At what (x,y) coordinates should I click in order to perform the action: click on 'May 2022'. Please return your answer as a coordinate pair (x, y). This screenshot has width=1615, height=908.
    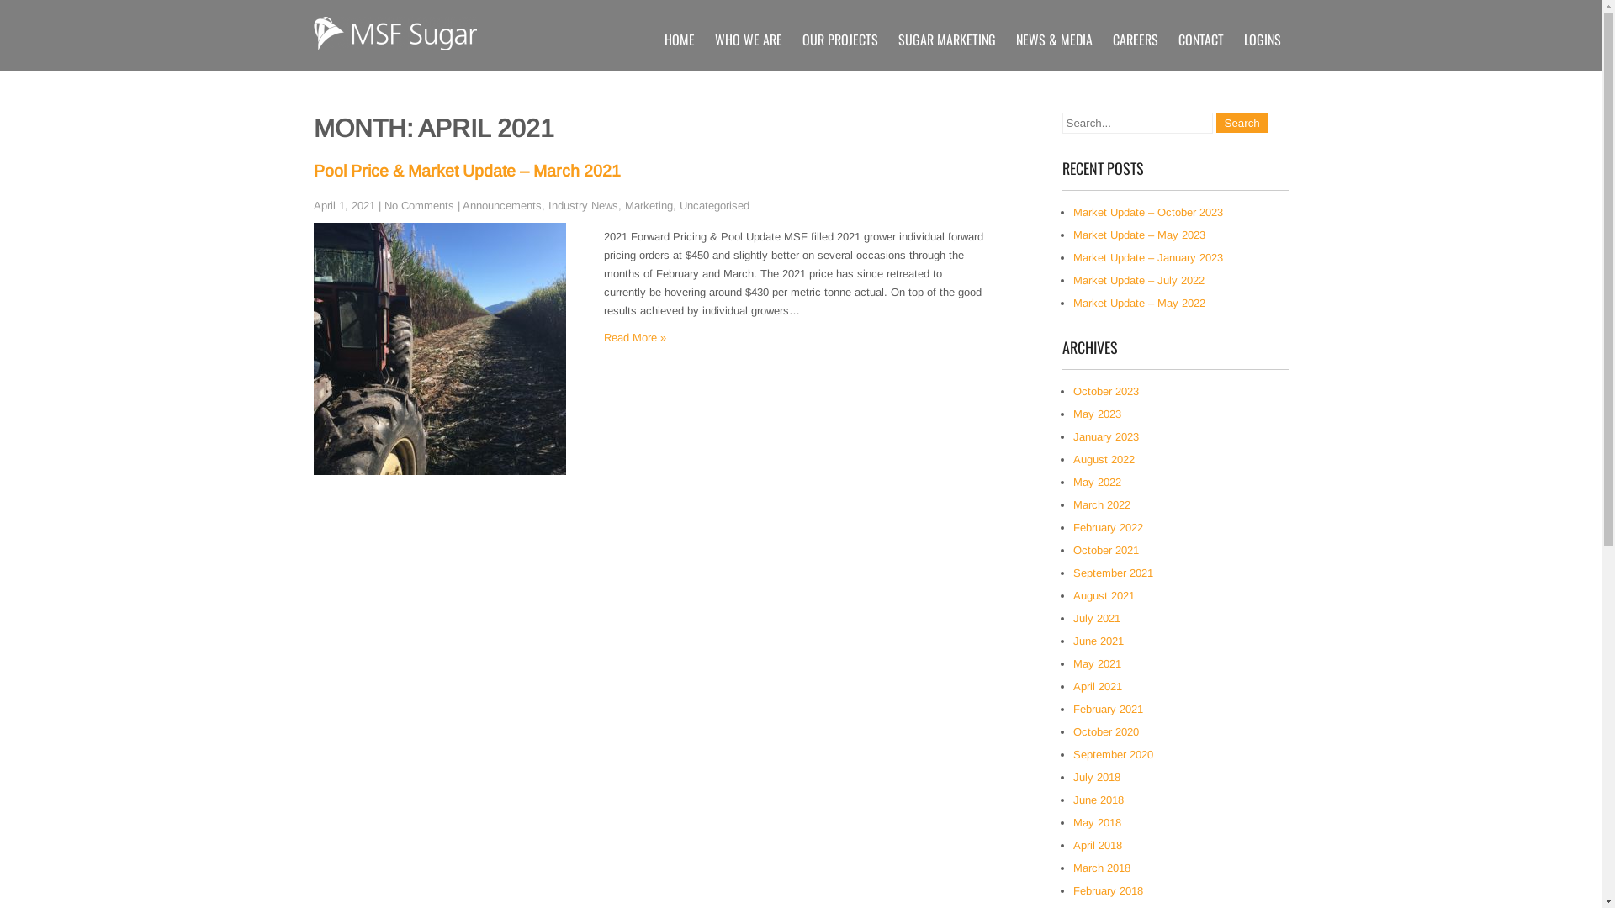
    Looking at the image, I should click on (1097, 482).